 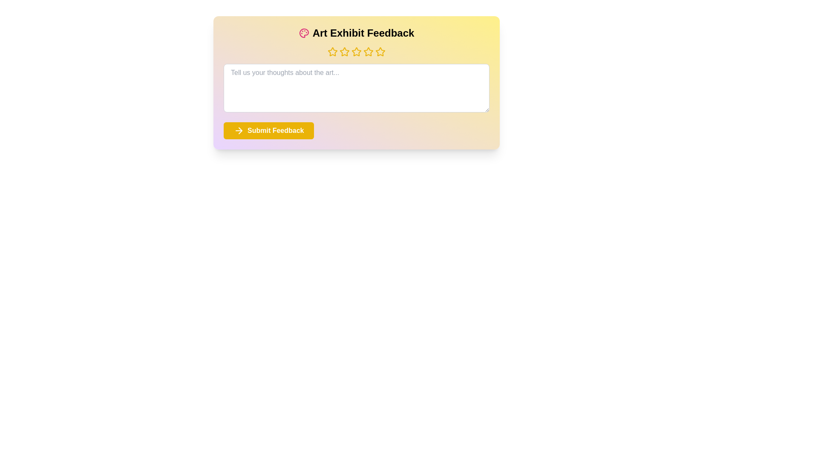 What do you see at coordinates (380, 52) in the screenshot?
I see `the star rating to 5 stars by clicking on the corresponding star` at bounding box center [380, 52].